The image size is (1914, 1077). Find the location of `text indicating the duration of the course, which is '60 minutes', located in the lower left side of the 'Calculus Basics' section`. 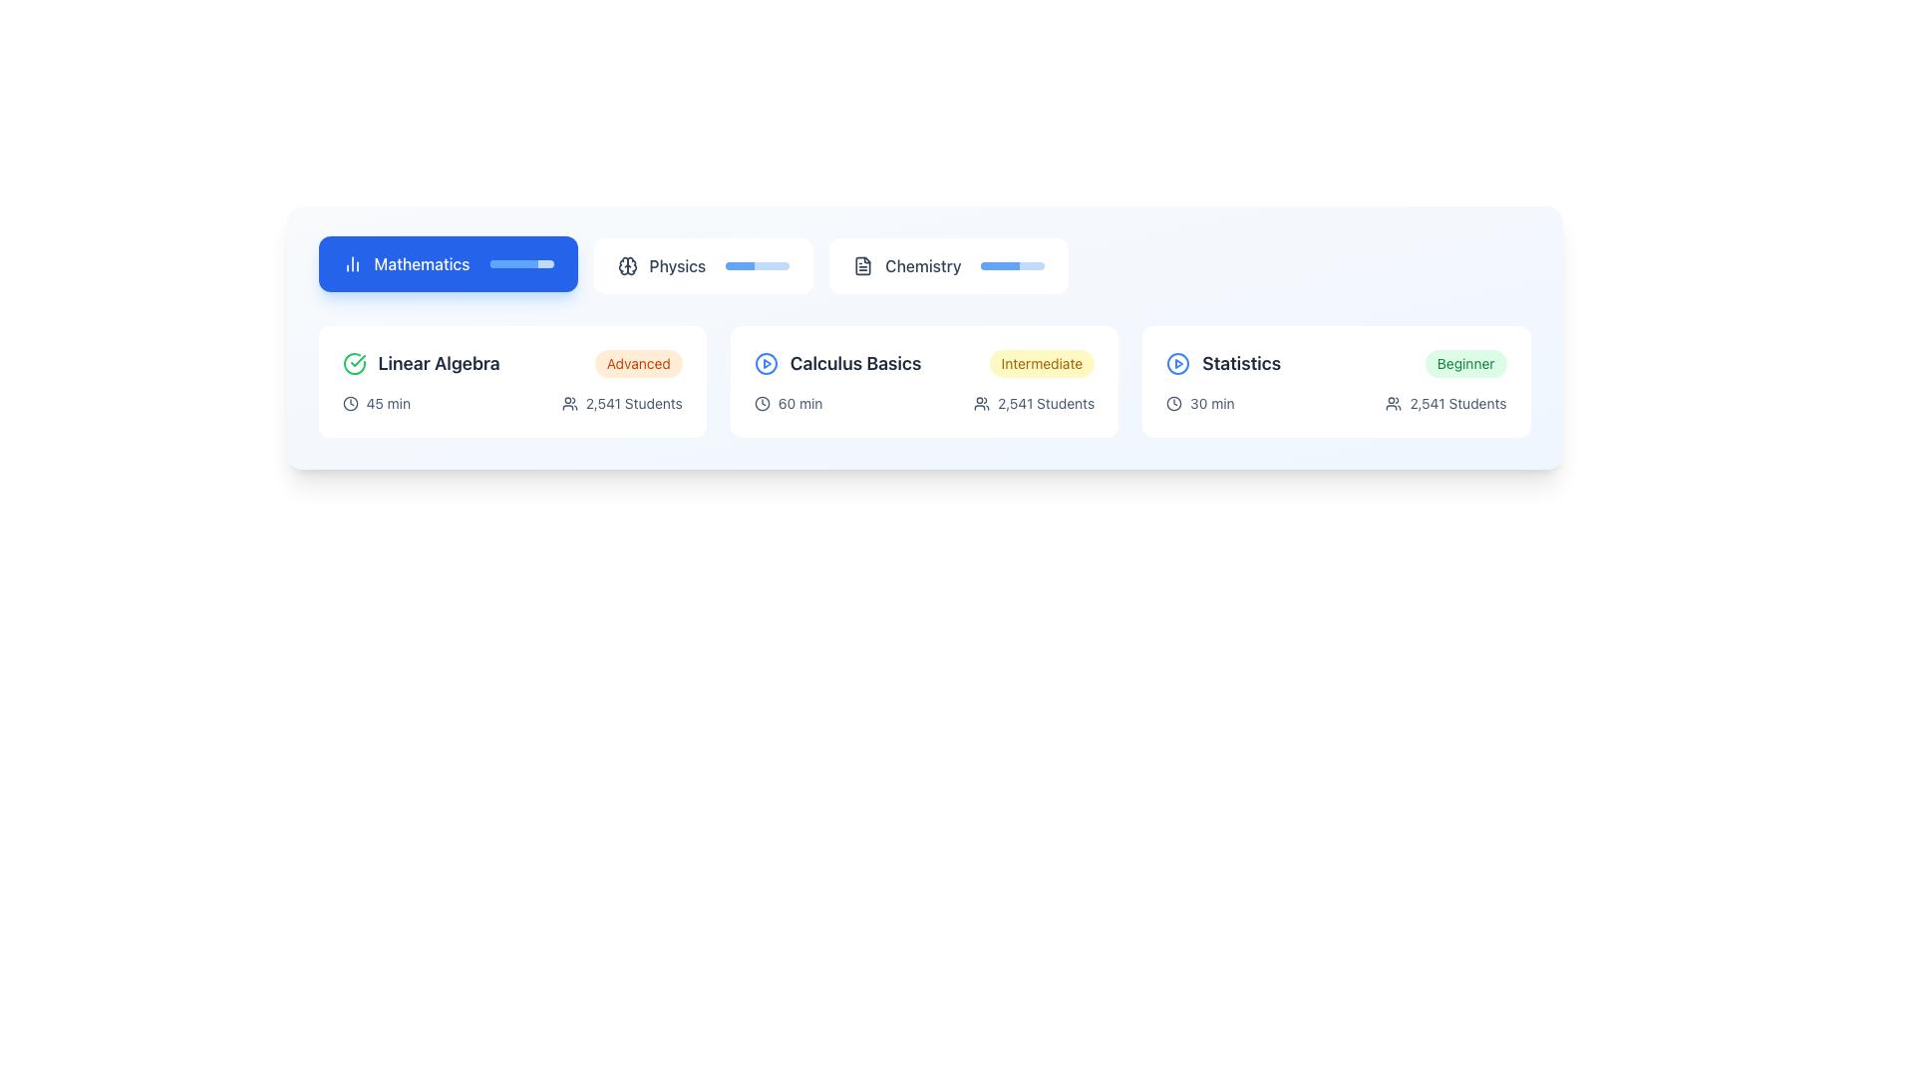

text indicating the duration of the course, which is '60 minutes', located in the lower left side of the 'Calculus Basics' section is located at coordinates (788, 404).